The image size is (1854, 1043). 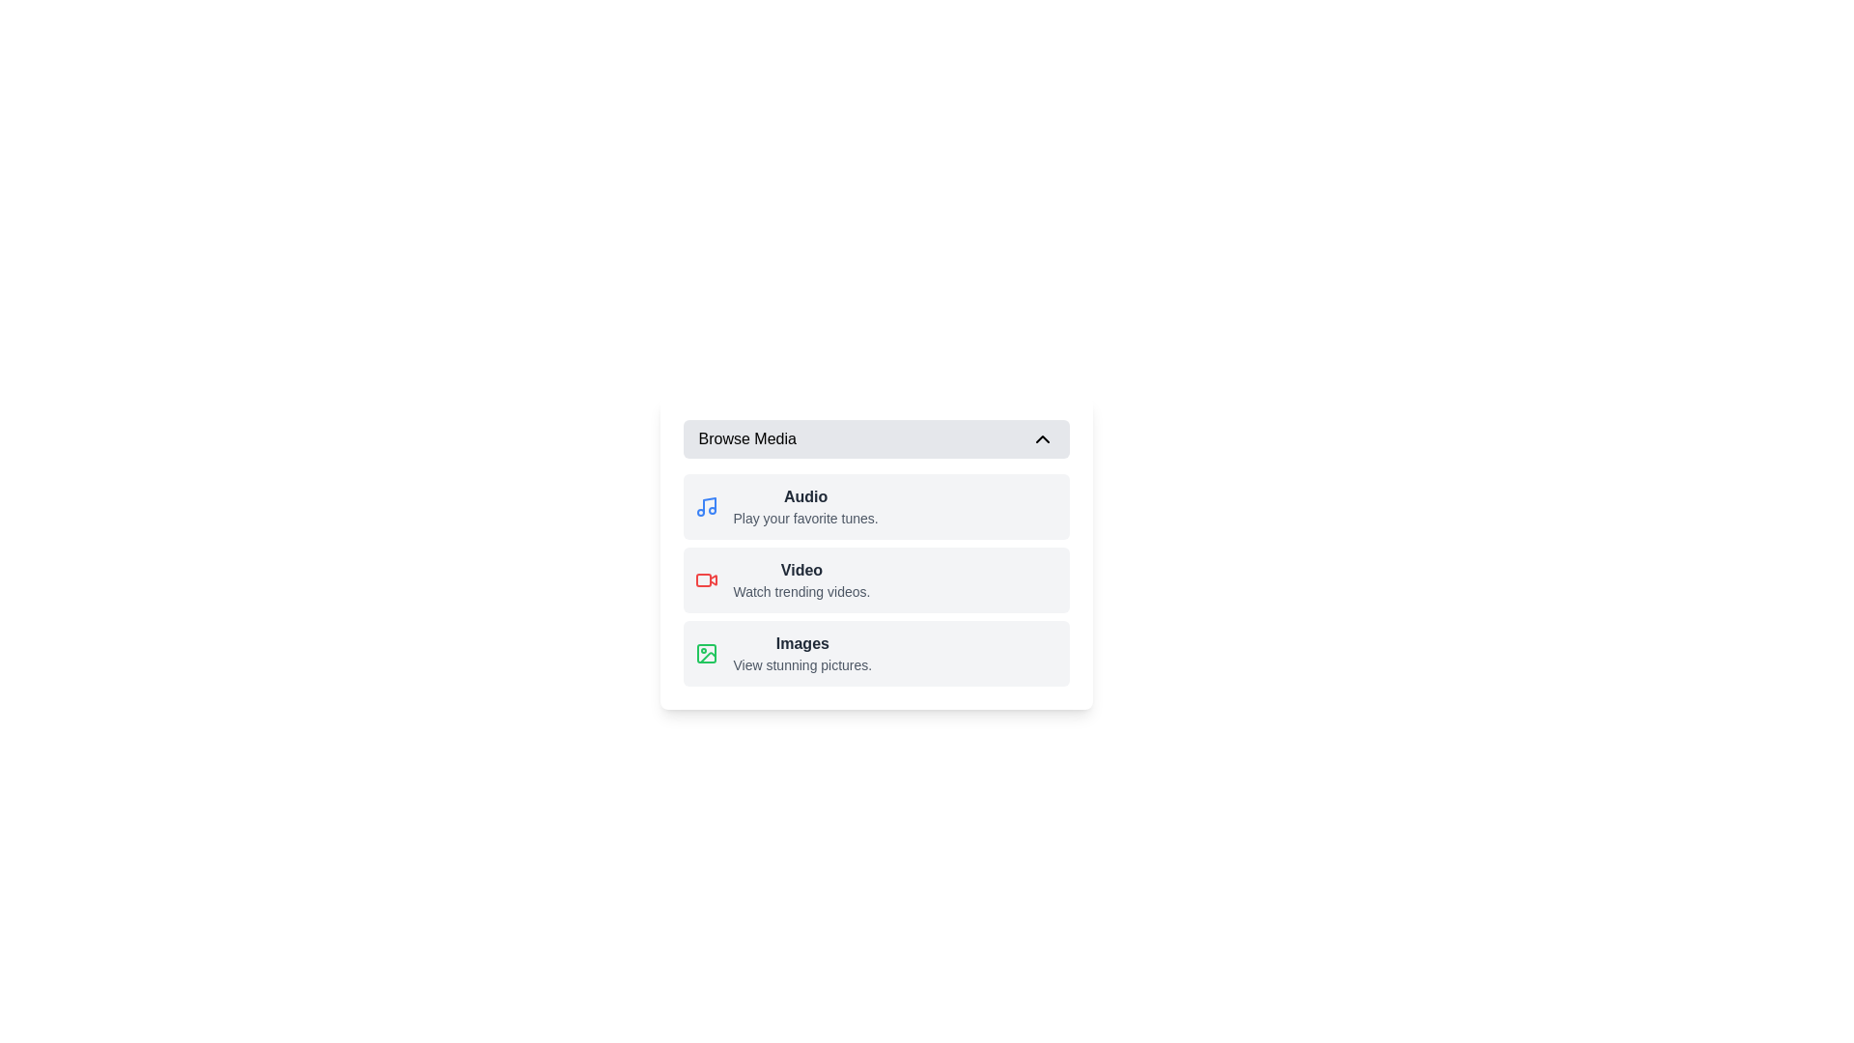 I want to click on the blue music note icon located to the left of the 'Audio' text in the media selection list, so click(x=705, y=505).